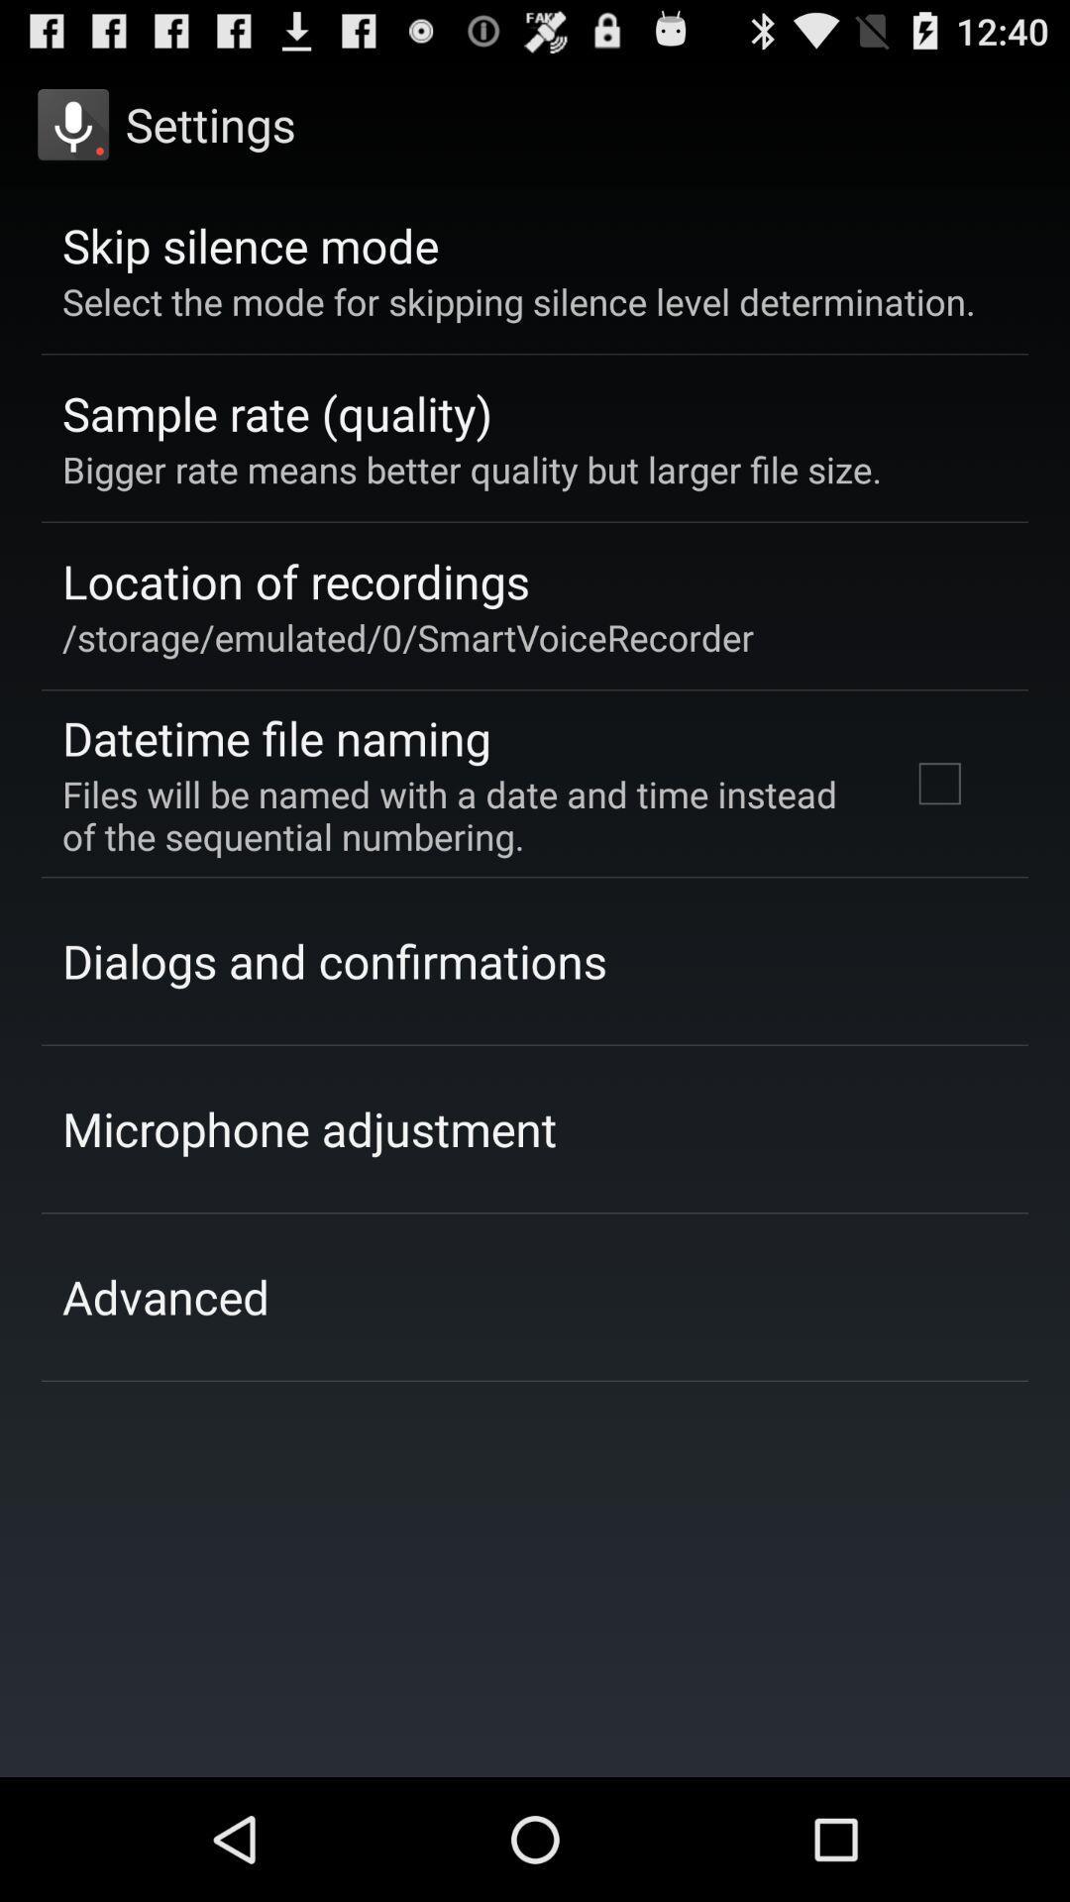 This screenshot has height=1902, width=1070. Describe the element at coordinates (276, 737) in the screenshot. I see `the item below the storage emulated 0 app` at that location.